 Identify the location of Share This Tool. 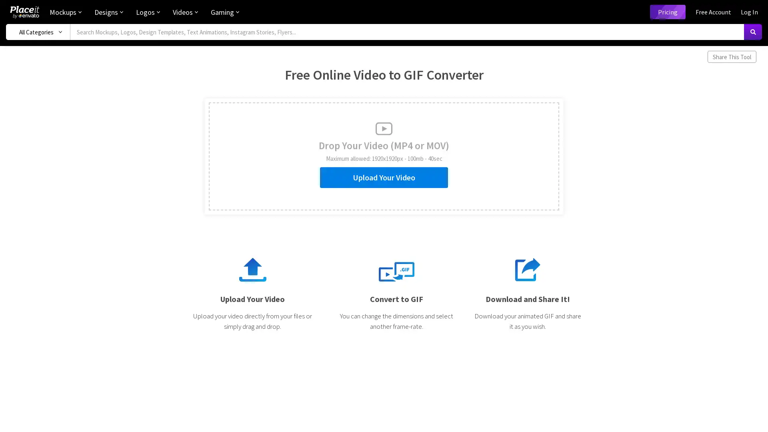
(732, 56).